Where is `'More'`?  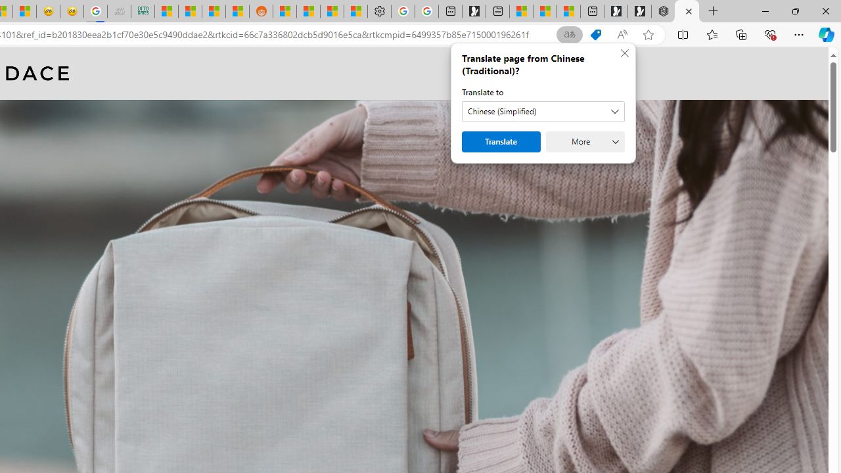
'More' is located at coordinates (584, 142).